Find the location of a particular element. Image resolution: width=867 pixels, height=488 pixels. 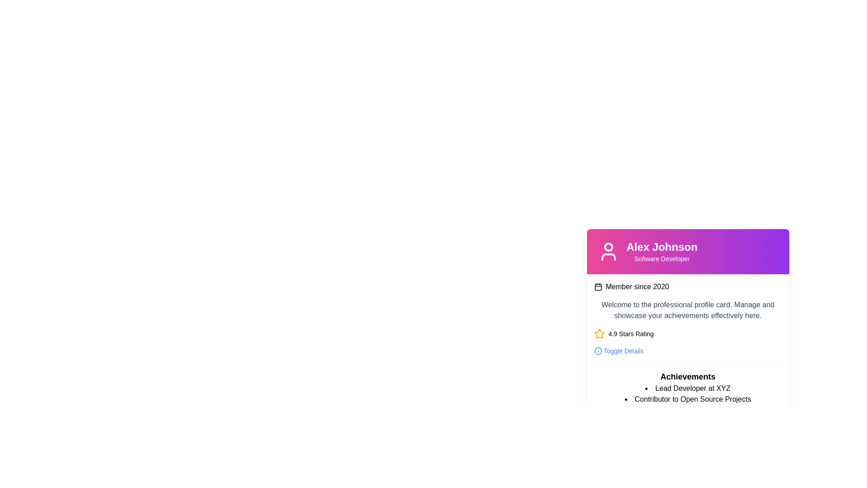

the calendar icon that represents the member's joining date, located to the left of the text 'Member since 2020' is located at coordinates (598, 287).